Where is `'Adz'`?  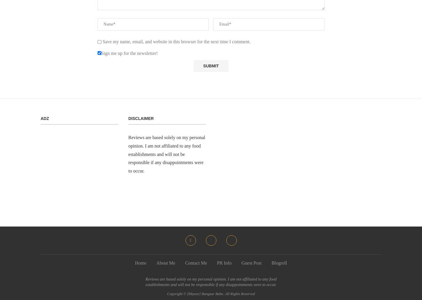
'Adz' is located at coordinates (44, 118).